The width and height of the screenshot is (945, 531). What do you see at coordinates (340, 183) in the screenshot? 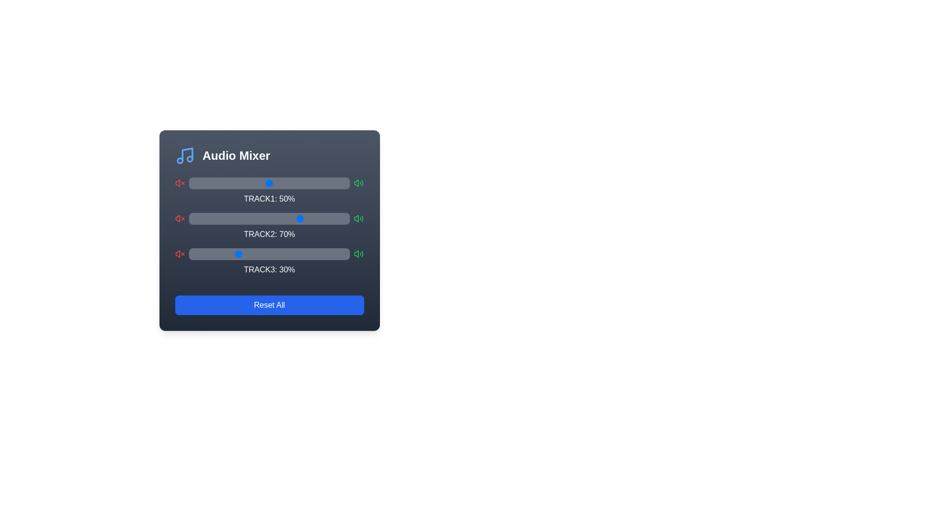
I see `the volume slider for Track 1 to 94%` at bounding box center [340, 183].